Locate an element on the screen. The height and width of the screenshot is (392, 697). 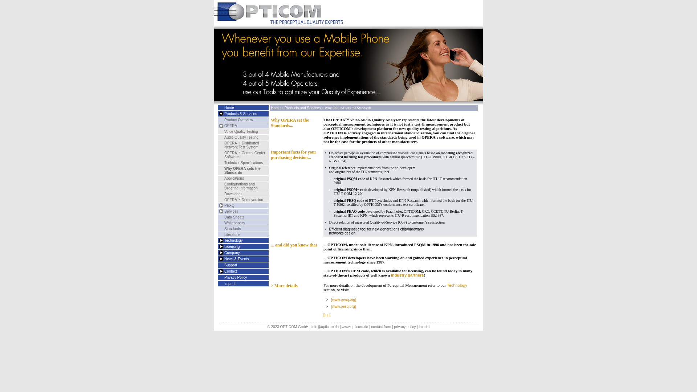
'Why OPERA sets the Standards' is located at coordinates (242, 171).